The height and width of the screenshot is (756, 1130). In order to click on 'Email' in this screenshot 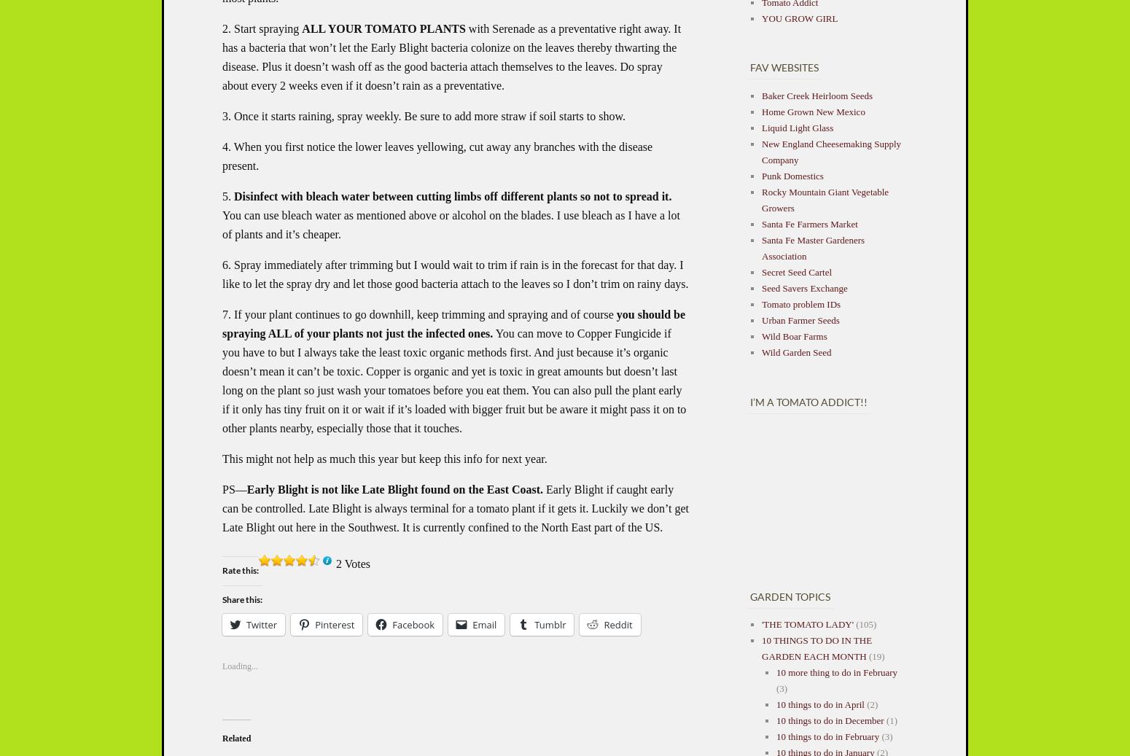, I will do `click(483, 624)`.